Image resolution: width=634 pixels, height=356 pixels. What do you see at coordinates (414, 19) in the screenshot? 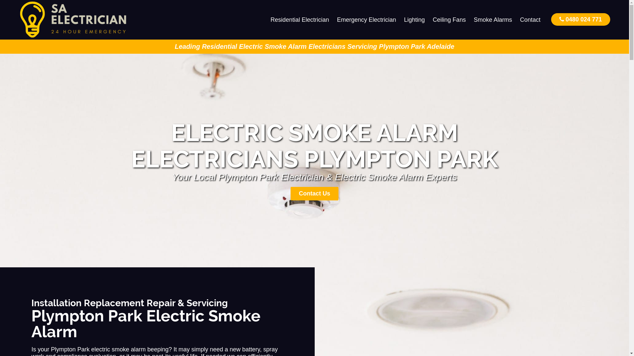
I see `'Lighting'` at bounding box center [414, 19].